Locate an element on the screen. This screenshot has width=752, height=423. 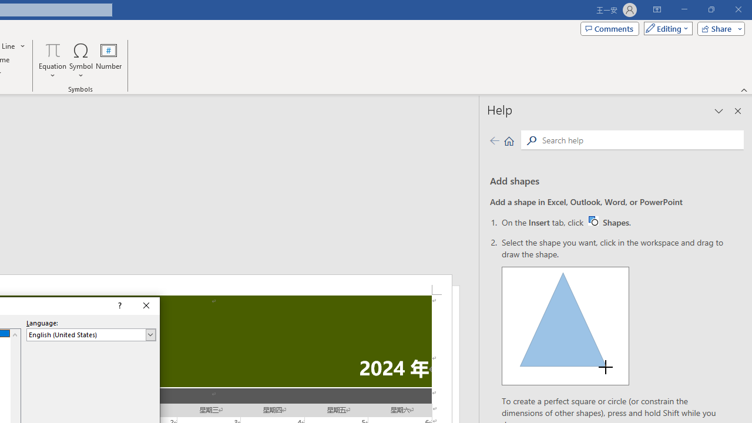
'Number...' is located at coordinates (109, 61).